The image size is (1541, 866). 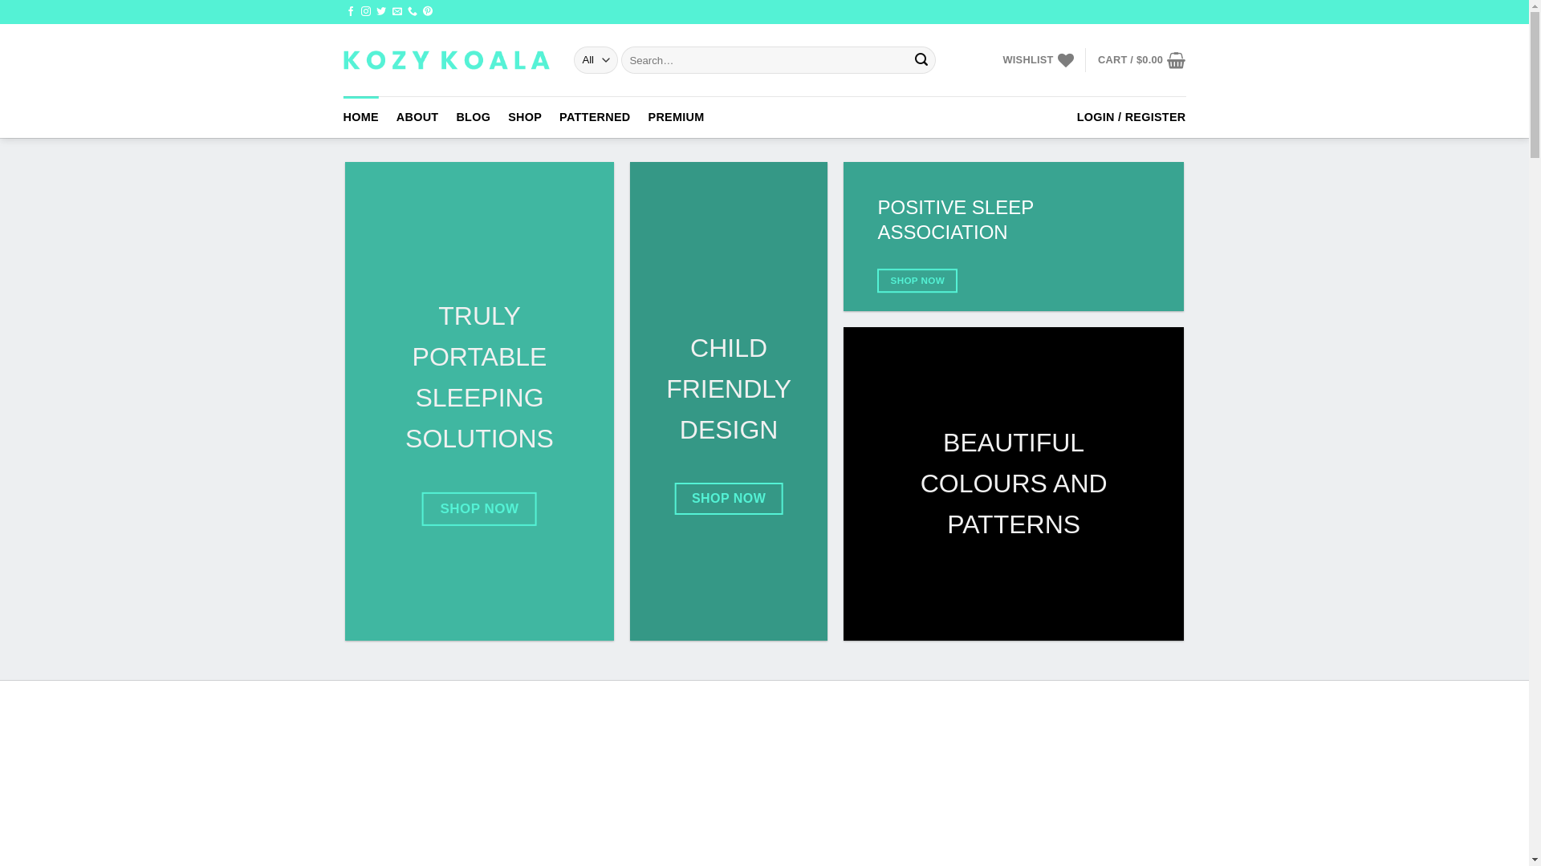 What do you see at coordinates (593, 116) in the screenshot?
I see `'PATTERNED'` at bounding box center [593, 116].